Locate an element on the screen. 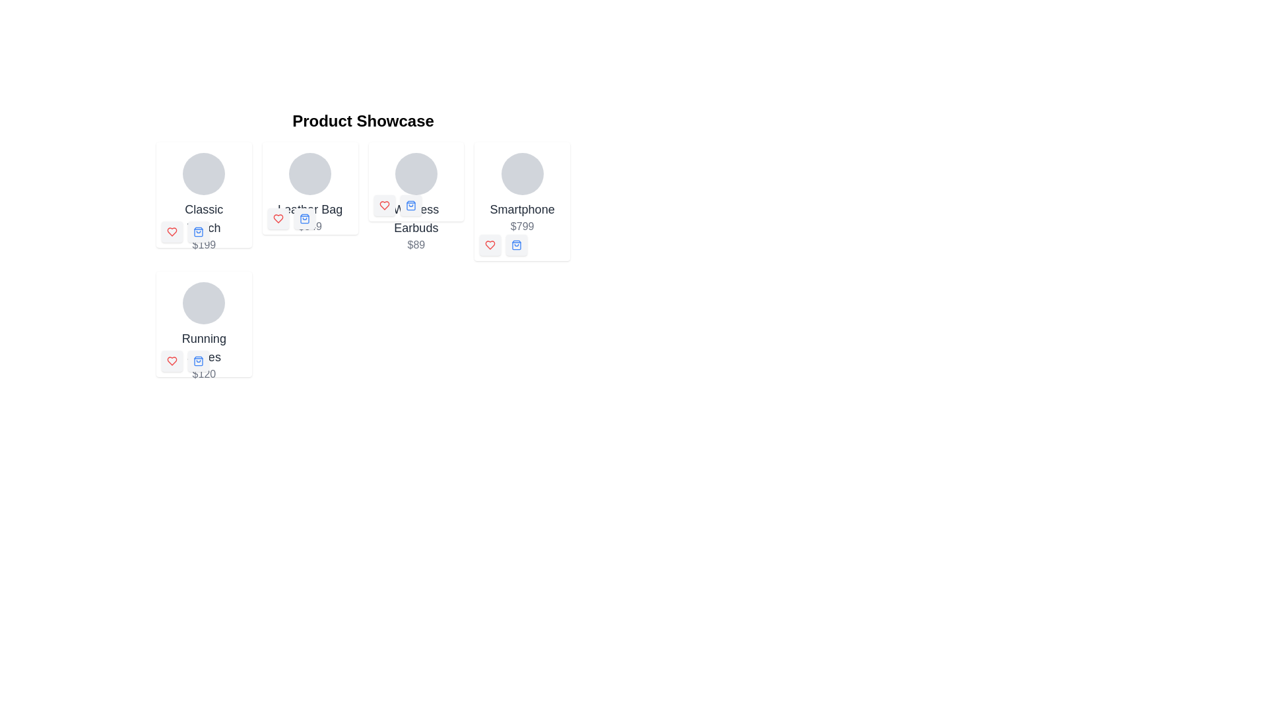  the heart button is located at coordinates (277, 218).